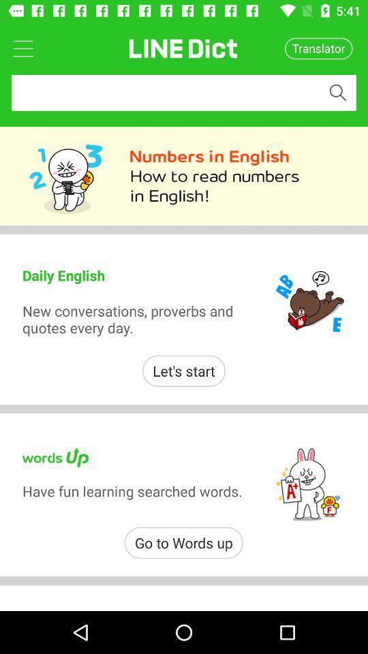 The height and width of the screenshot is (654, 368). Describe the element at coordinates (184, 175) in the screenshot. I see `numbers in english` at that location.